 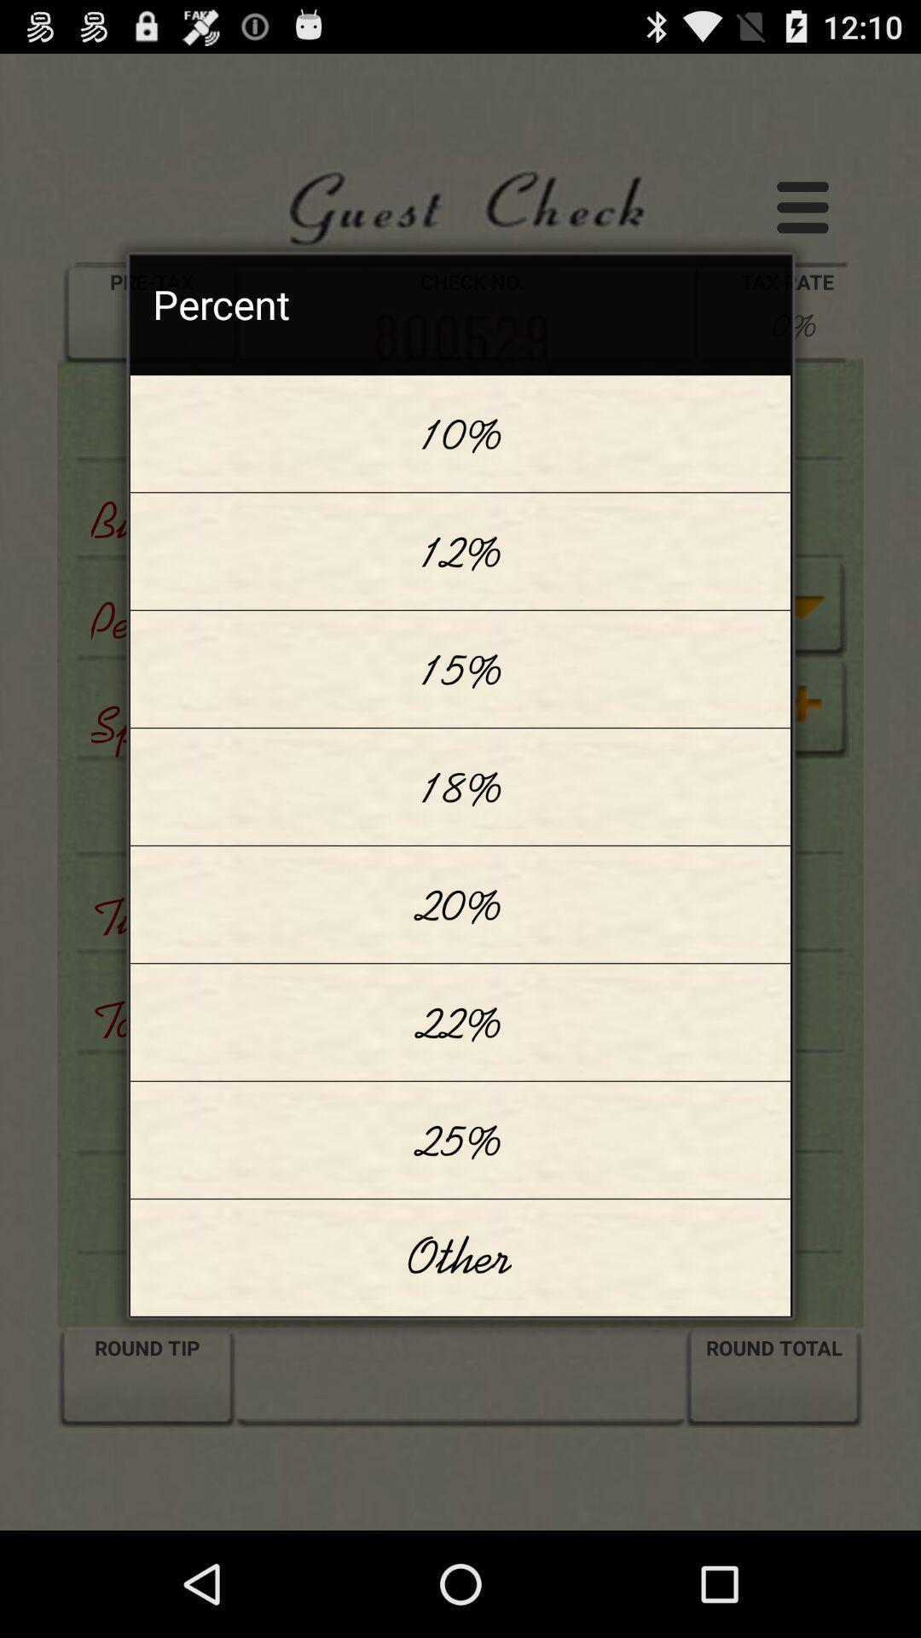 What do you see at coordinates (460, 1140) in the screenshot?
I see `25% item` at bounding box center [460, 1140].